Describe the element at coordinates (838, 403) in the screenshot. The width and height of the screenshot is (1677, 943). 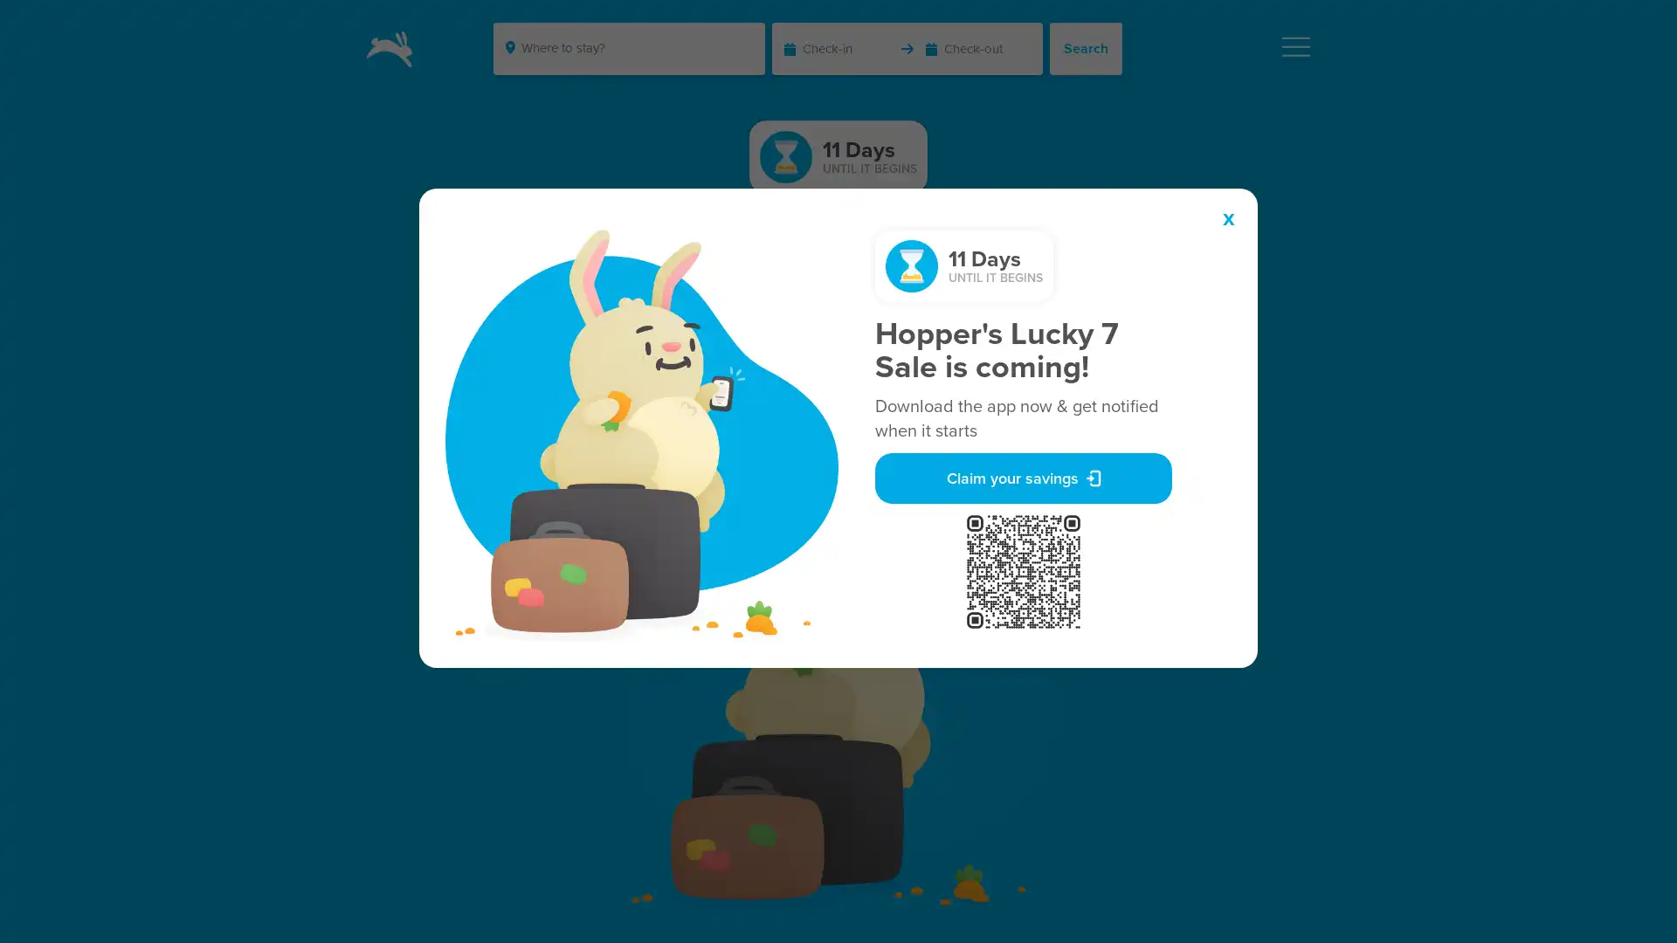
I see `CLAIM YOUR SAVINGS` at that location.